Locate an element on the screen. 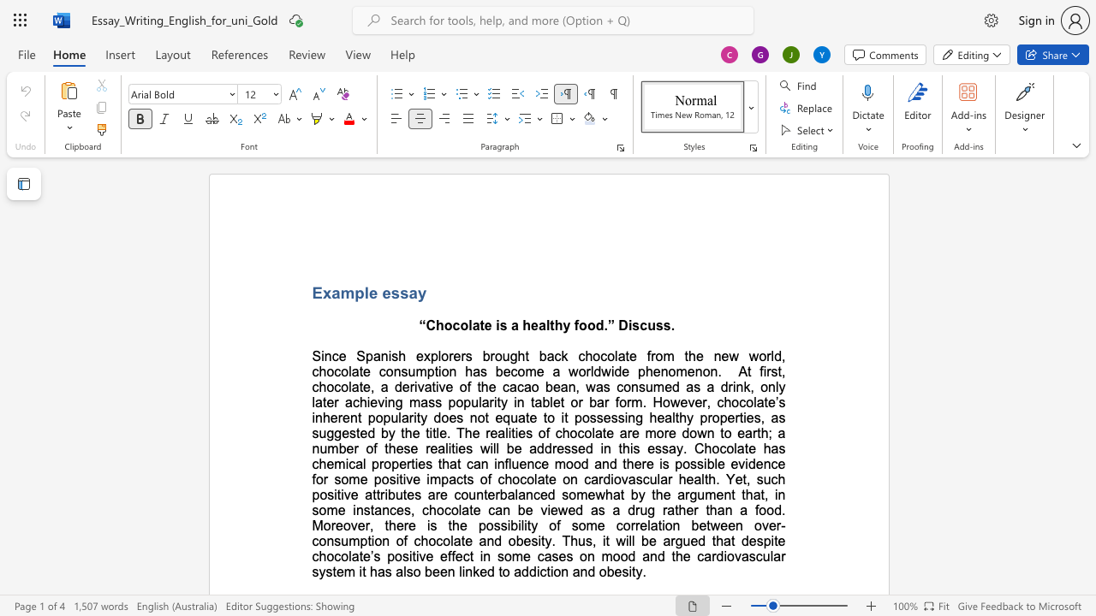 The width and height of the screenshot is (1096, 616). the space between the continuous character "t" and "h" in the text is located at coordinates (480, 387).